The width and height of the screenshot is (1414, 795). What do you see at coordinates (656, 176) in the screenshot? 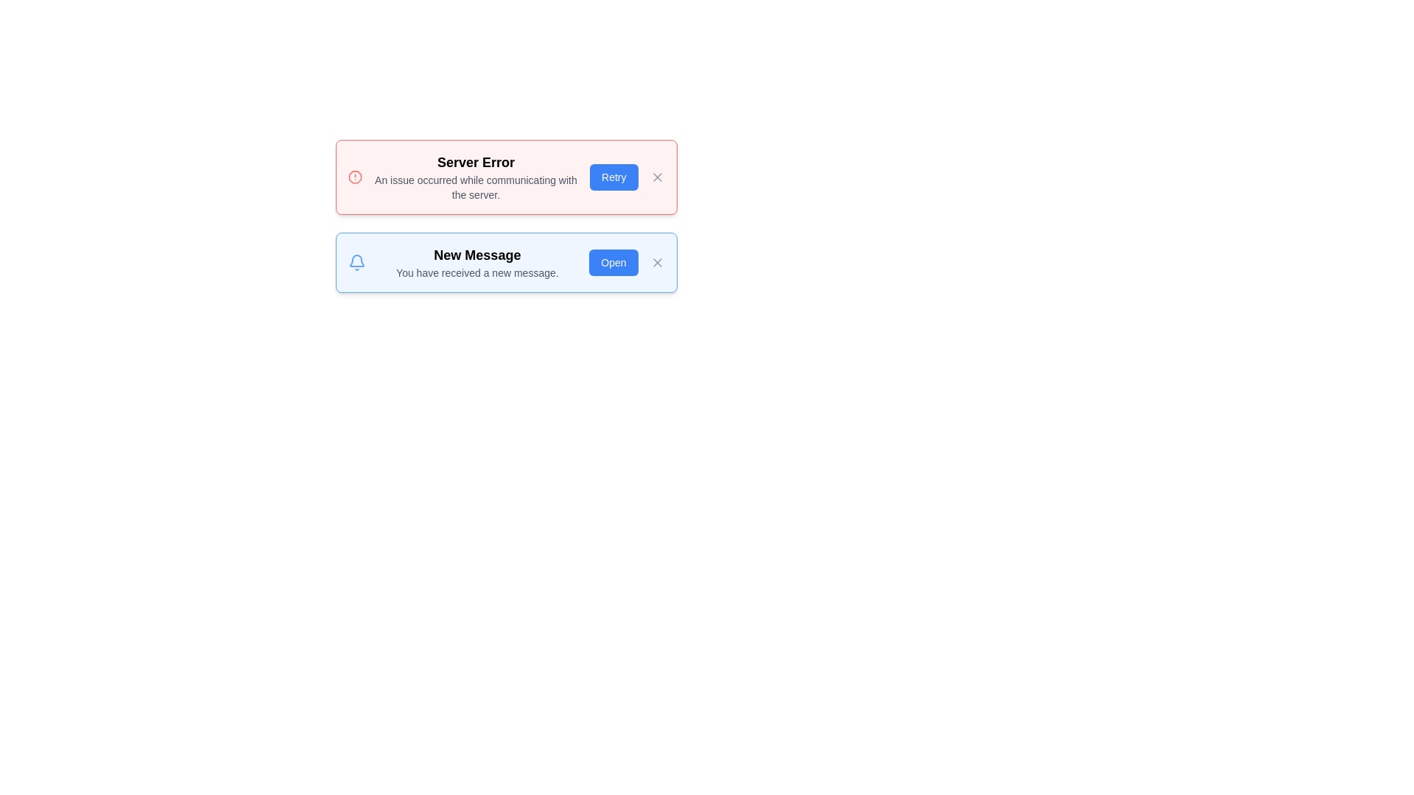
I see `the 'X' shaped graphical icon located within the right section of the 'Retry' button to interact with it` at bounding box center [656, 176].